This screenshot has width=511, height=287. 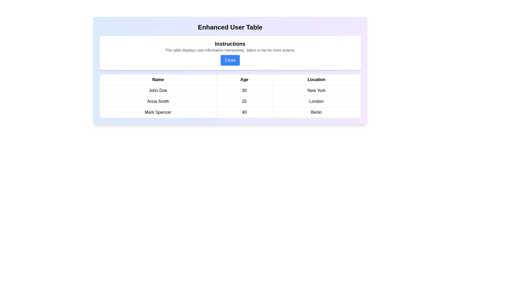 What do you see at coordinates (316, 90) in the screenshot?
I see `the table cell containing the text 'New York'` at bounding box center [316, 90].